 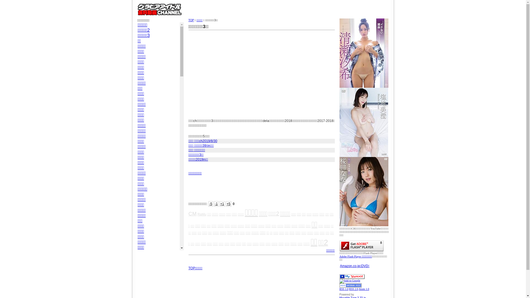 I want to click on 'CM', so click(x=192, y=213).